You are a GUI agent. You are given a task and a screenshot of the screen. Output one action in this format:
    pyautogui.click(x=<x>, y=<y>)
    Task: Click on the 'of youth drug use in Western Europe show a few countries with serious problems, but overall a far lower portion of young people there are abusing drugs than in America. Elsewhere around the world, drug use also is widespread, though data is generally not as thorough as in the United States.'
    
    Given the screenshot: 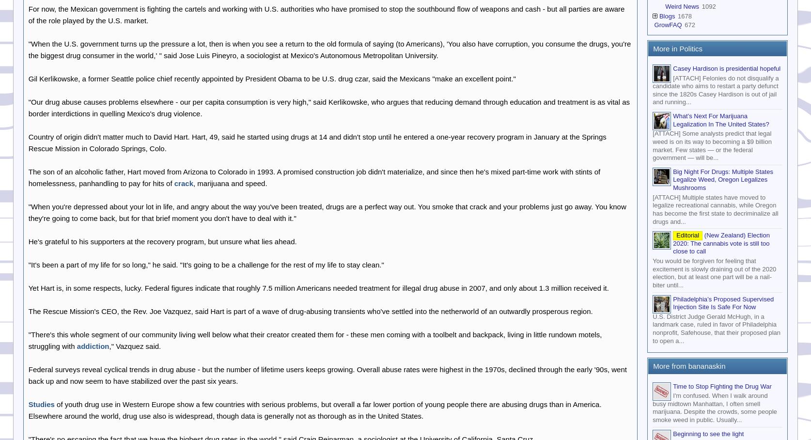 What is the action you would take?
    pyautogui.click(x=314, y=409)
    